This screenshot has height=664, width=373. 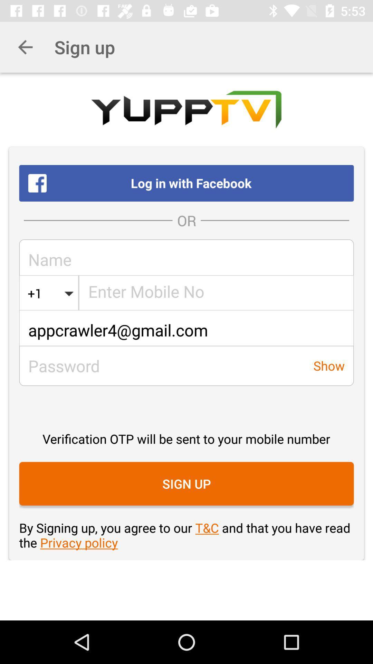 What do you see at coordinates (162, 365) in the screenshot?
I see `the icon next to the show item` at bounding box center [162, 365].